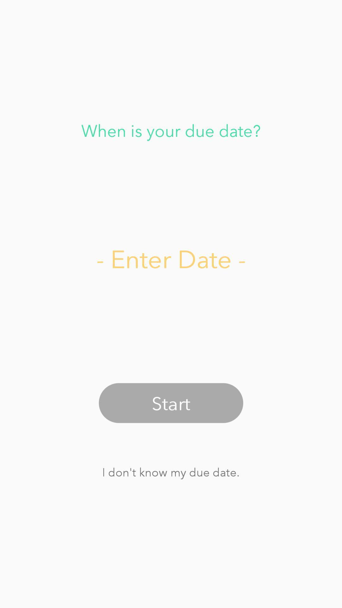 This screenshot has height=608, width=342. What do you see at coordinates (170, 472) in the screenshot?
I see `icon below the start item` at bounding box center [170, 472].